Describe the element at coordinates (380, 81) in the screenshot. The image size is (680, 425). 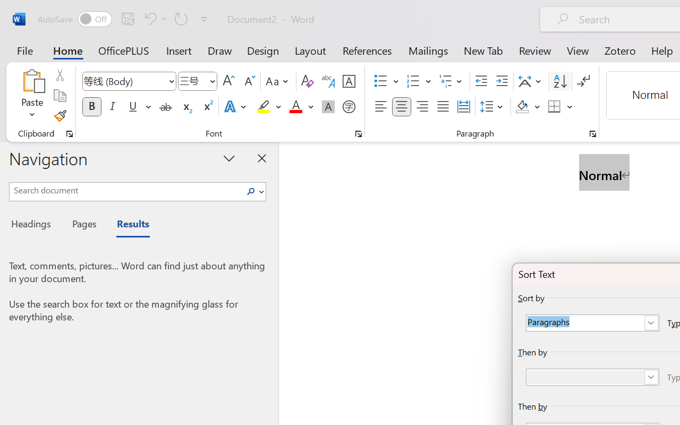
I see `'Bullets'` at that location.